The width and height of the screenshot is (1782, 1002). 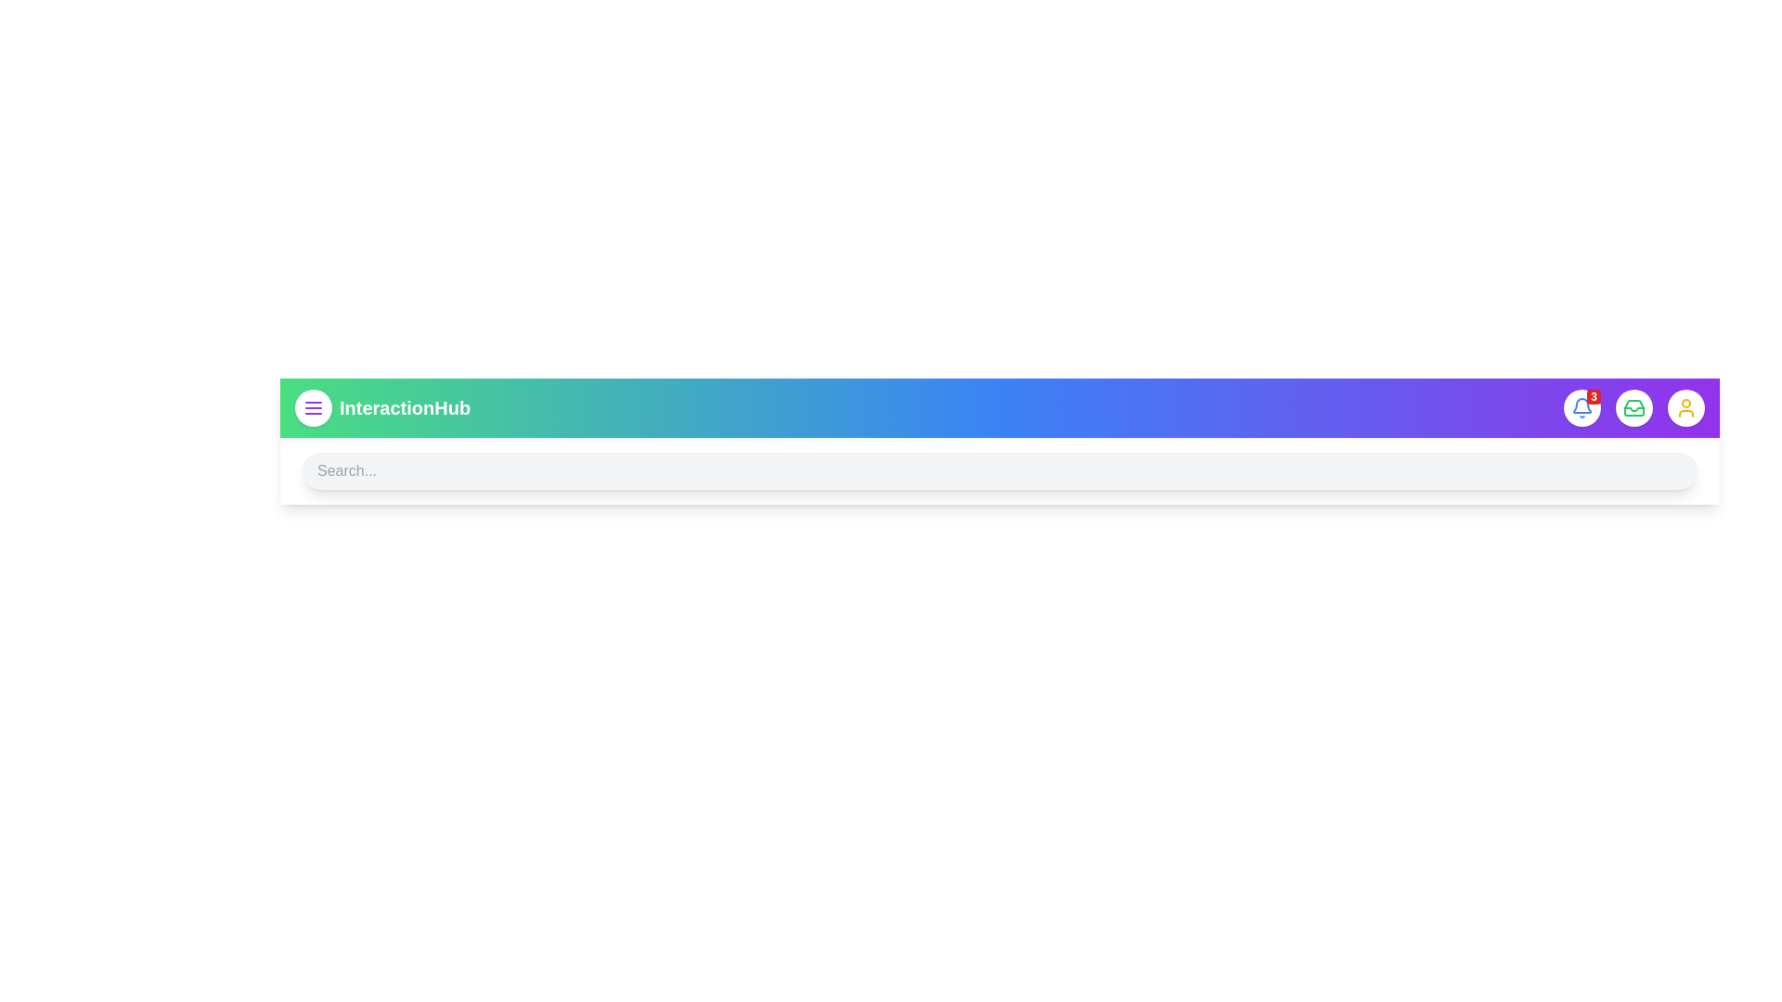 I want to click on the user icon to open the user profile, so click(x=1686, y=406).